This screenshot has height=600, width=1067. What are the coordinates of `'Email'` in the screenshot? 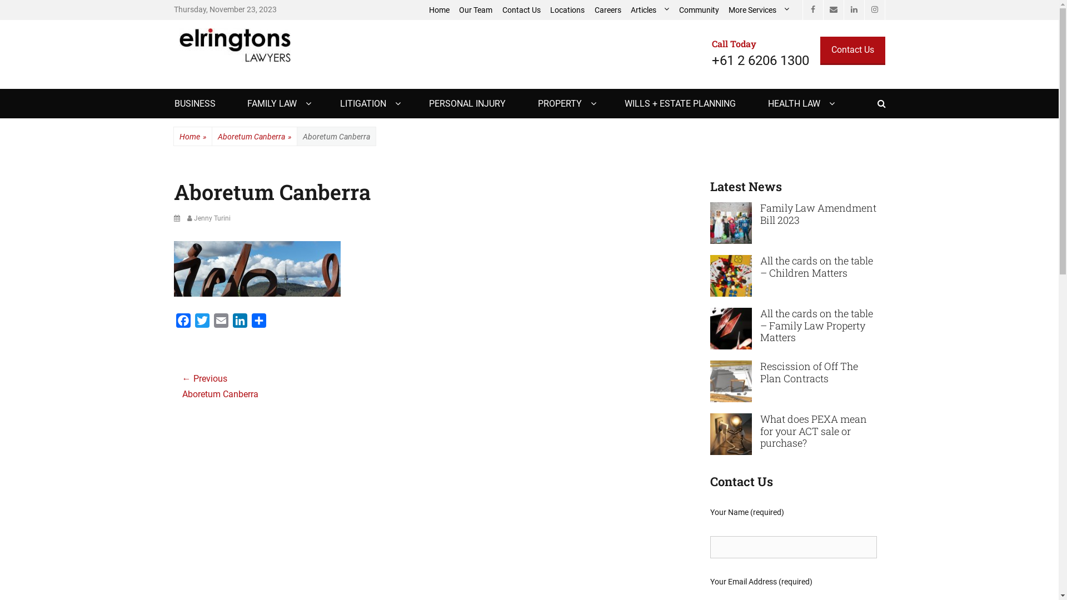 It's located at (221, 323).